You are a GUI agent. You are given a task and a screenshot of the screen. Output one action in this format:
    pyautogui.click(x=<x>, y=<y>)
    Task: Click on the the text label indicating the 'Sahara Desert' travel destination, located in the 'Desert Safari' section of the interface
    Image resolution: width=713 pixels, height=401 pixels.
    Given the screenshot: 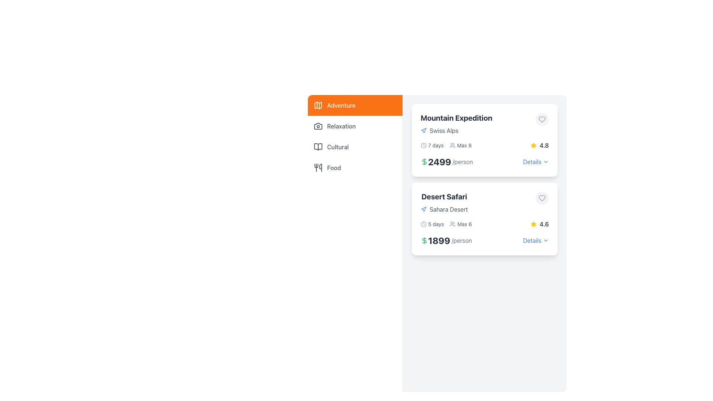 What is the action you would take?
    pyautogui.click(x=448, y=209)
    